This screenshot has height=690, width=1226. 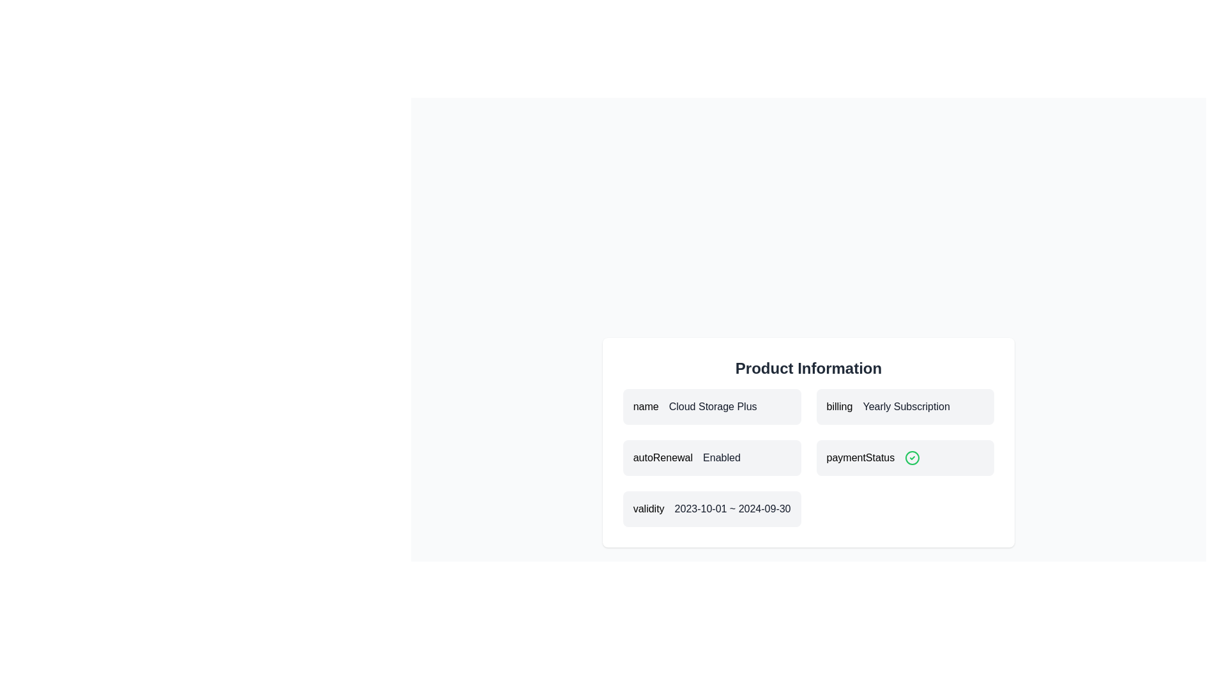 What do you see at coordinates (860, 457) in the screenshot?
I see `the text label element displaying 'paymentStatus'` at bounding box center [860, 457].